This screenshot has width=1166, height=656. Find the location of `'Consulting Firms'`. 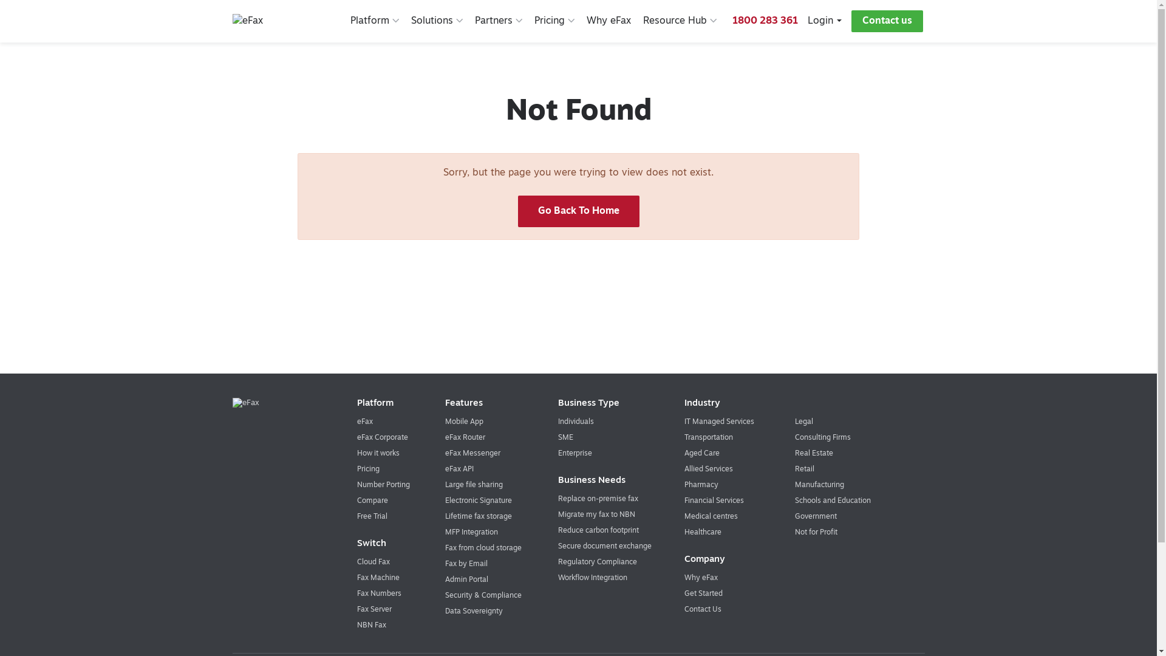

'Consulting Firms' is located at coordinates (822, 438).